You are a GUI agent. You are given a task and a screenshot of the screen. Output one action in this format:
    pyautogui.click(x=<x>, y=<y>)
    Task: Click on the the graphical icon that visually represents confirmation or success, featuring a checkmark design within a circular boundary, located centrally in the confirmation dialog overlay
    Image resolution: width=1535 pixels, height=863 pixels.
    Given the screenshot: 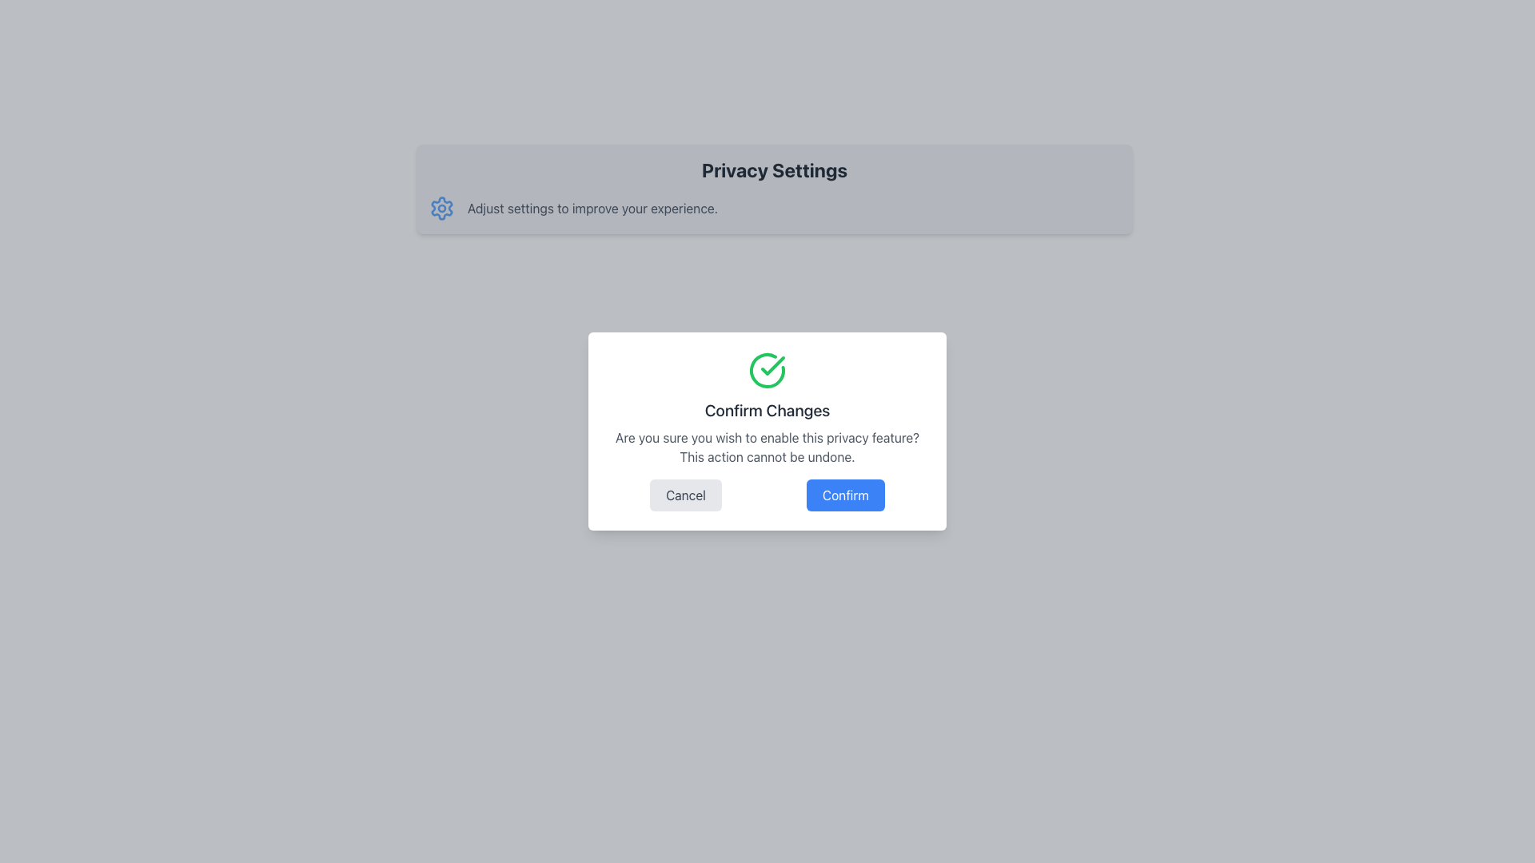 What is the action you would take?
    pyautogui.click(x=767, y=370)
    